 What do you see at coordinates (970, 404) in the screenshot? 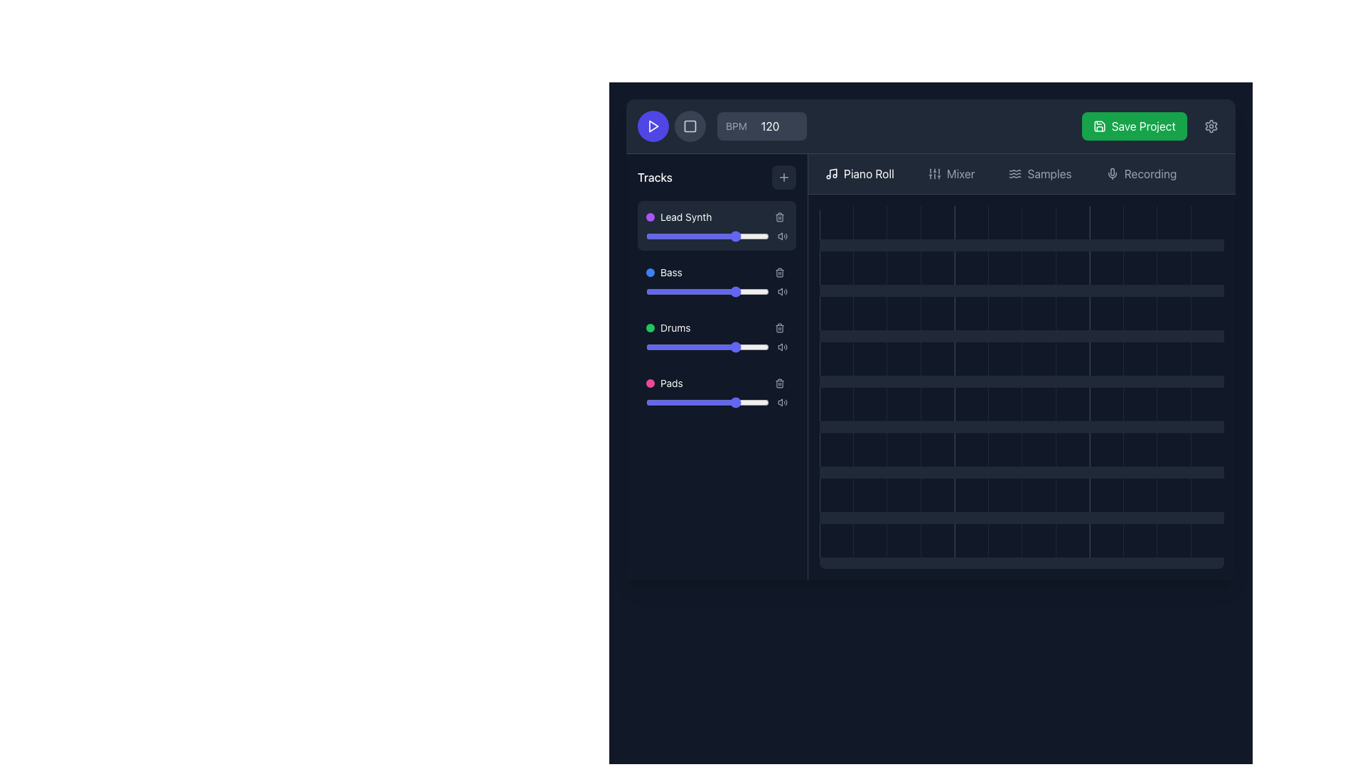
I see `the grid cell located in the fifth column and fifth row by clicking on it` at bounding box center [970, 404].